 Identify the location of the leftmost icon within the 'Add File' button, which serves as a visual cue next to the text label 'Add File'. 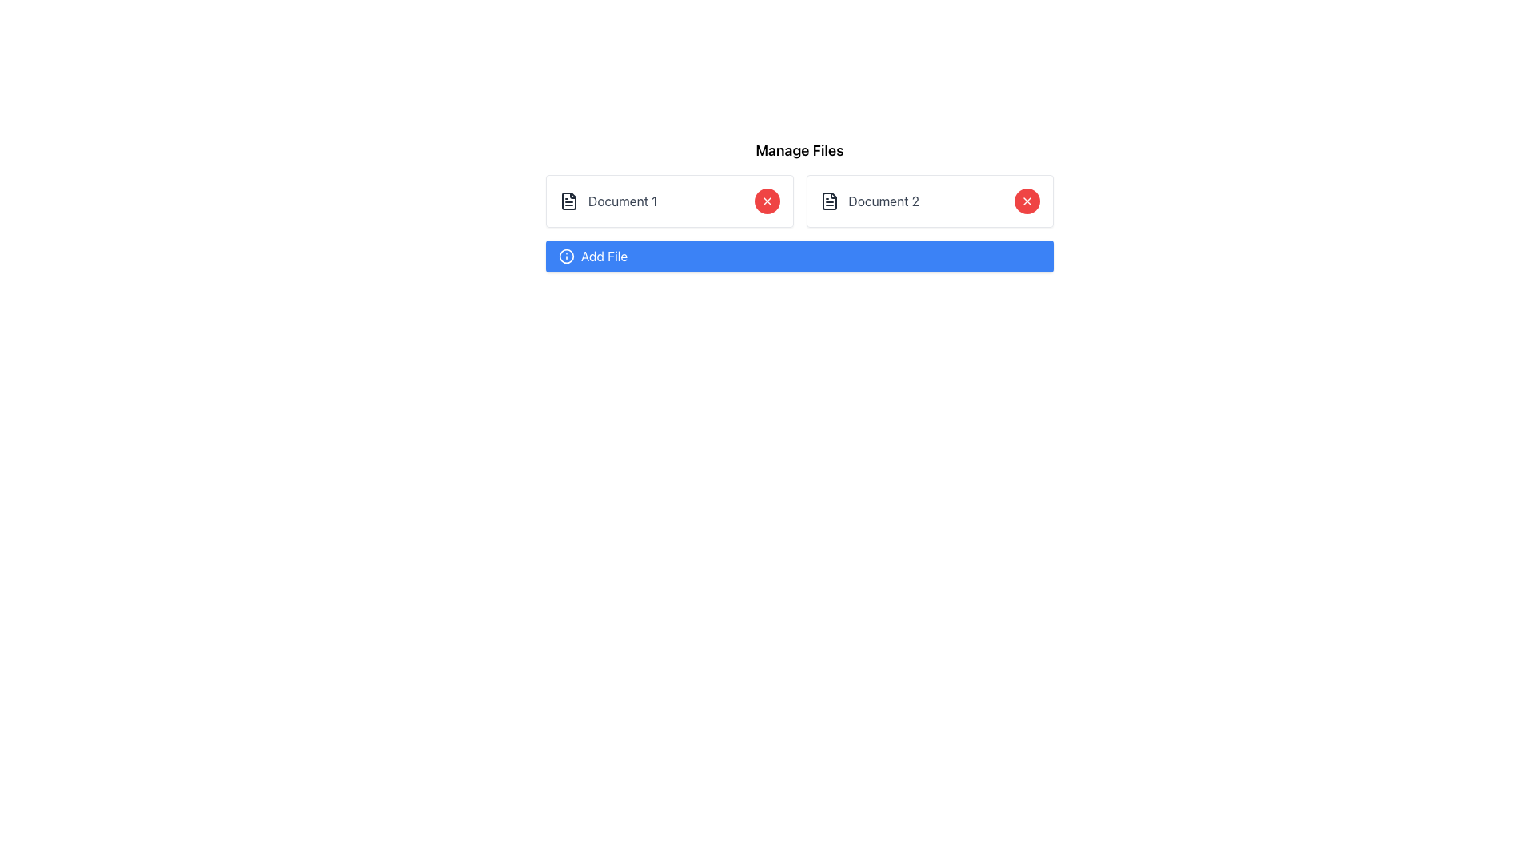
(567, 255).